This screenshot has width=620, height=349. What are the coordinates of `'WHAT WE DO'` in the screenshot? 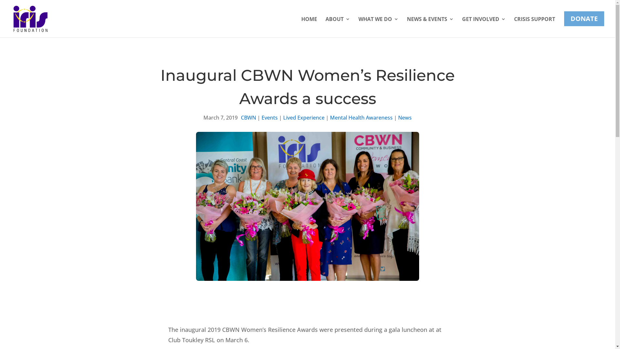 It's located at (378, 24).